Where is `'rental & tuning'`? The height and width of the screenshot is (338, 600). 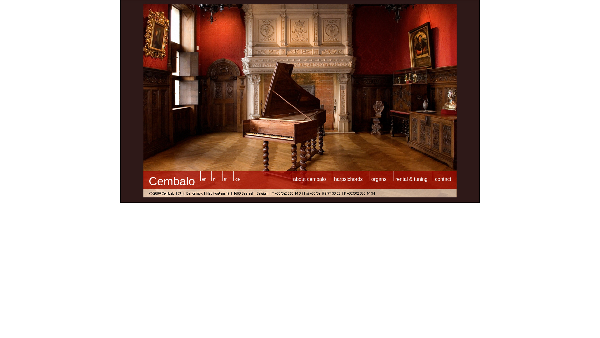
'rental & tuning' is located at coordinates (411, 179).